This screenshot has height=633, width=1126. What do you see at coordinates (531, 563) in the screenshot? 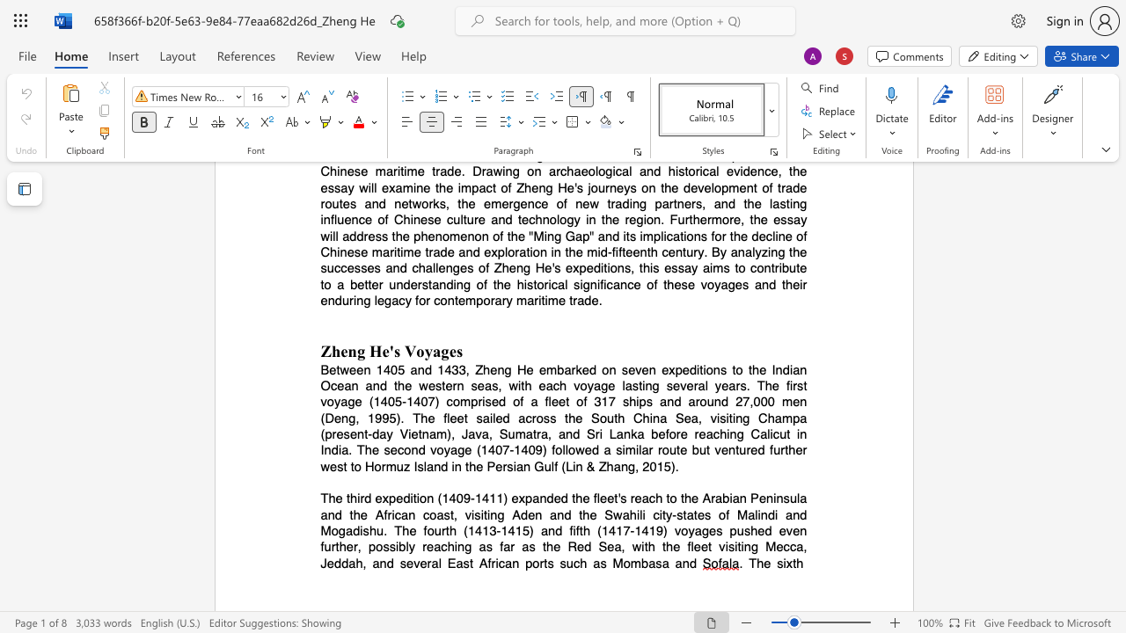
I see `the subset text "orts such as Mombasa" within the text "as far as the Red Sea, with the fleet visiting Mecca, Jeddah, and several East African ports such as Mombasa and"` at bounding box center [531, 563].